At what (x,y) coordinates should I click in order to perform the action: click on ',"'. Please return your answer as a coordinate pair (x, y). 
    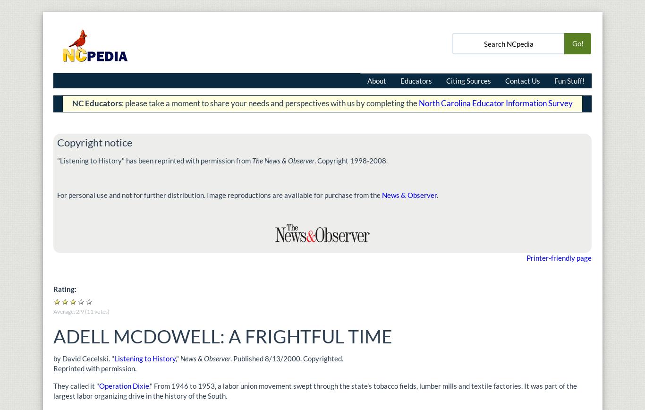
    Looking at the image, I should click on (178, 358).